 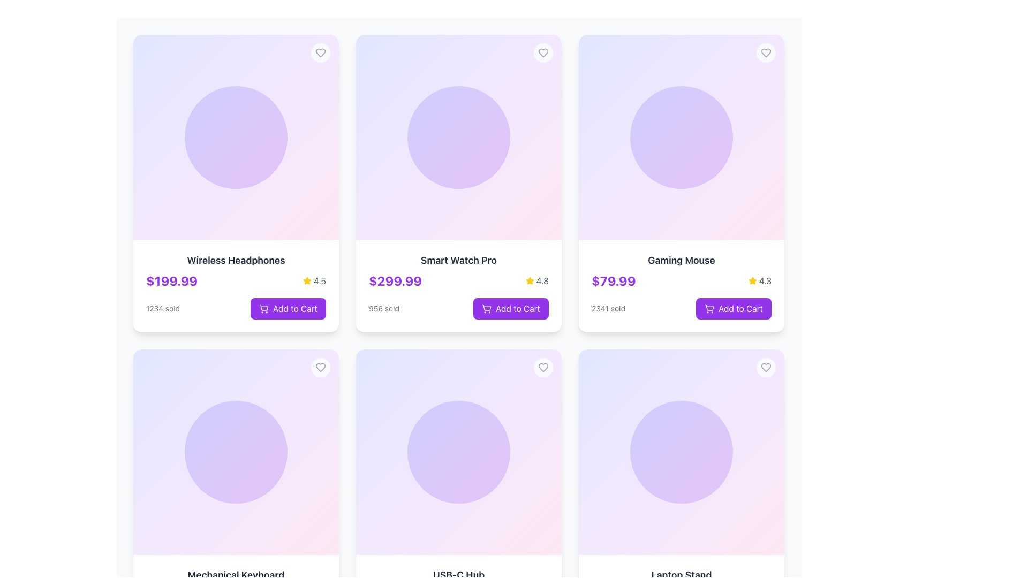 I want to click on the circular button with a heart icon located at the top-right corner of the product card for keyboard accessibility, so click(x=320, y=367).